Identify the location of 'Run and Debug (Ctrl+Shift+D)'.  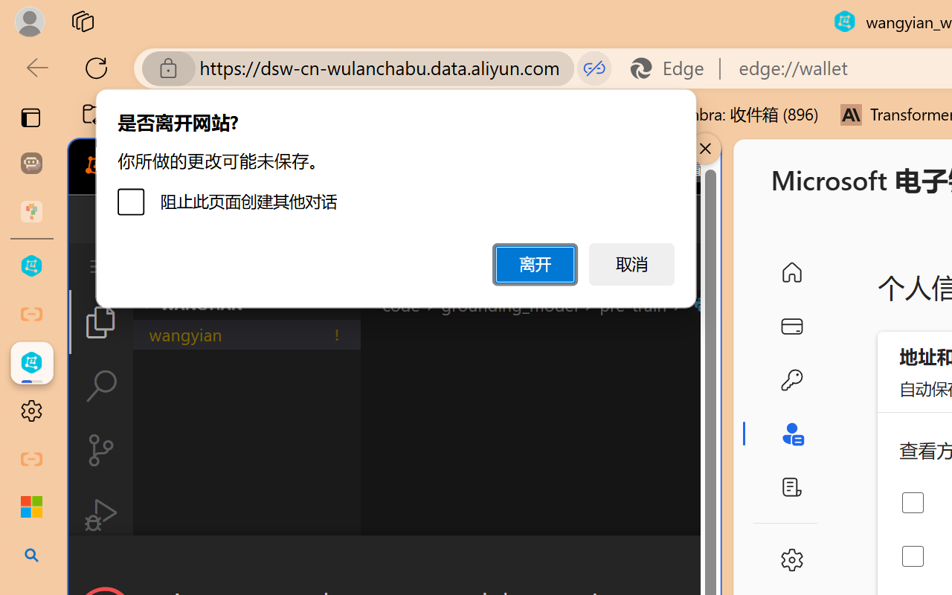
(100, 515).